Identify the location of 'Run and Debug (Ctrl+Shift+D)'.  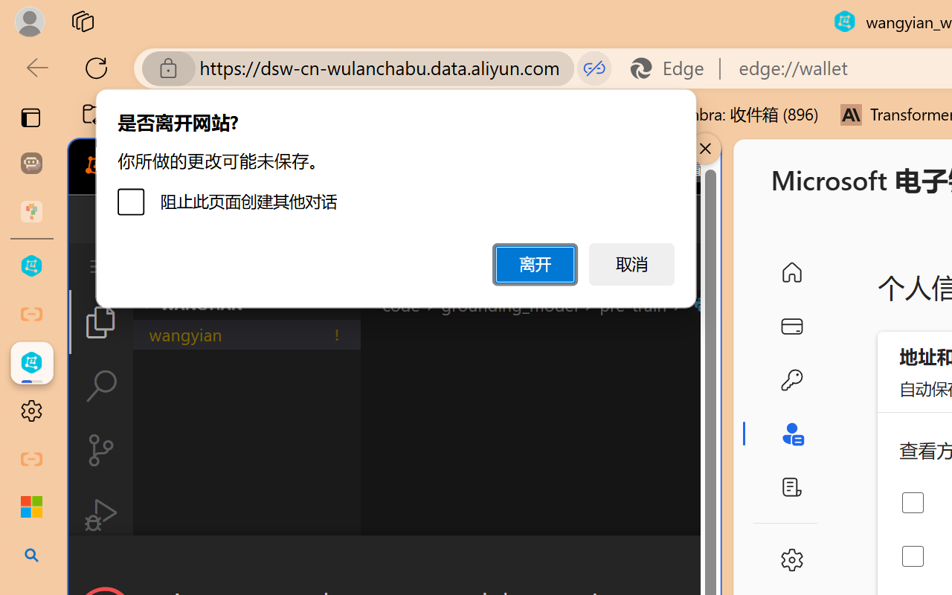
(100, 515).